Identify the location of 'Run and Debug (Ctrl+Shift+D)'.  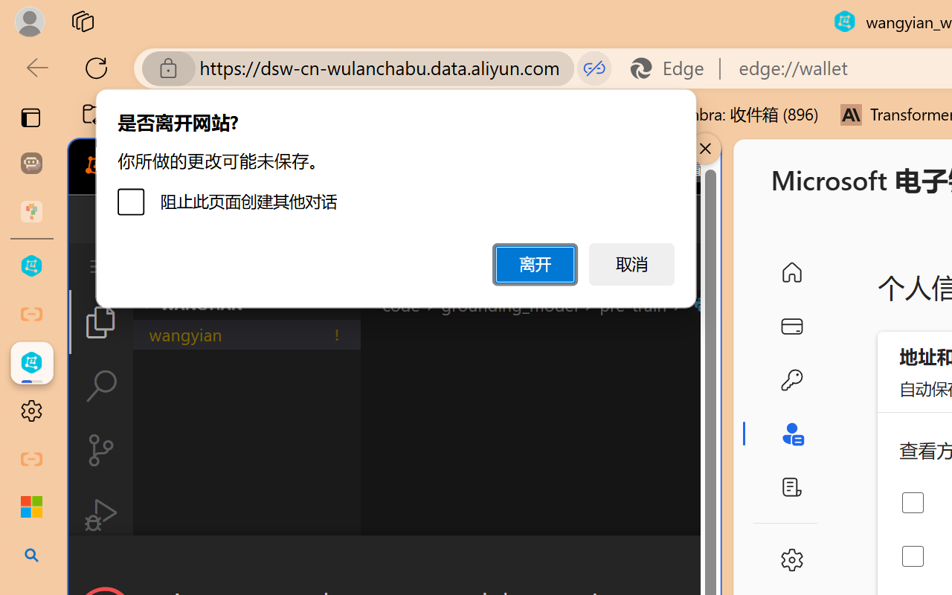
(100, 515).